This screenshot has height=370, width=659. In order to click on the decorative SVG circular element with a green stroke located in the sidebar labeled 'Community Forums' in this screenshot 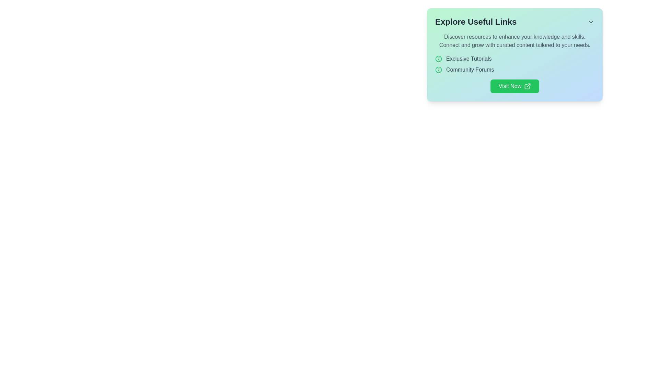, I will do `click(438, 59)`.